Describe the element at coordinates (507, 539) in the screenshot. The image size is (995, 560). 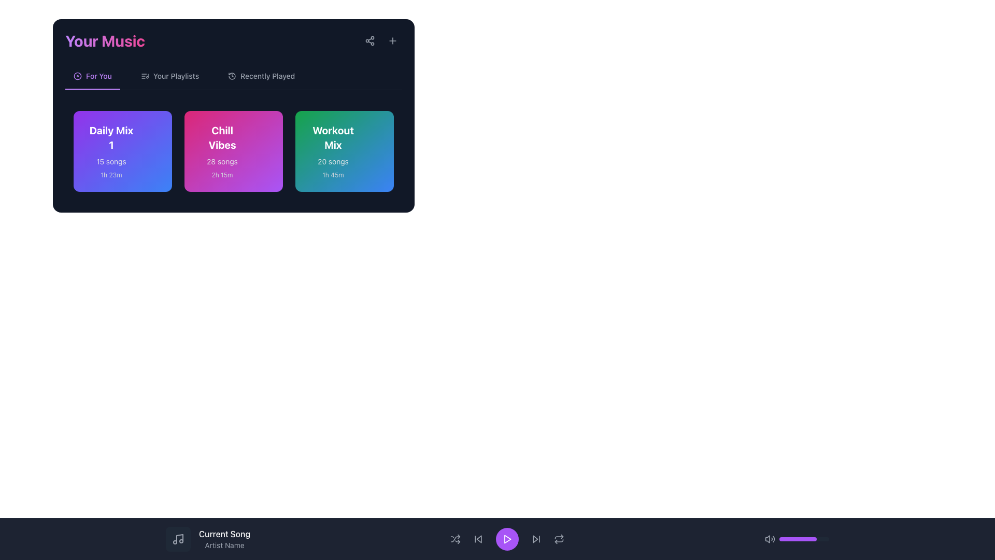
I see `the SVG icon resembling a triangular play symbol located in the center of a circular button in the bottom navigation bar` at that location.